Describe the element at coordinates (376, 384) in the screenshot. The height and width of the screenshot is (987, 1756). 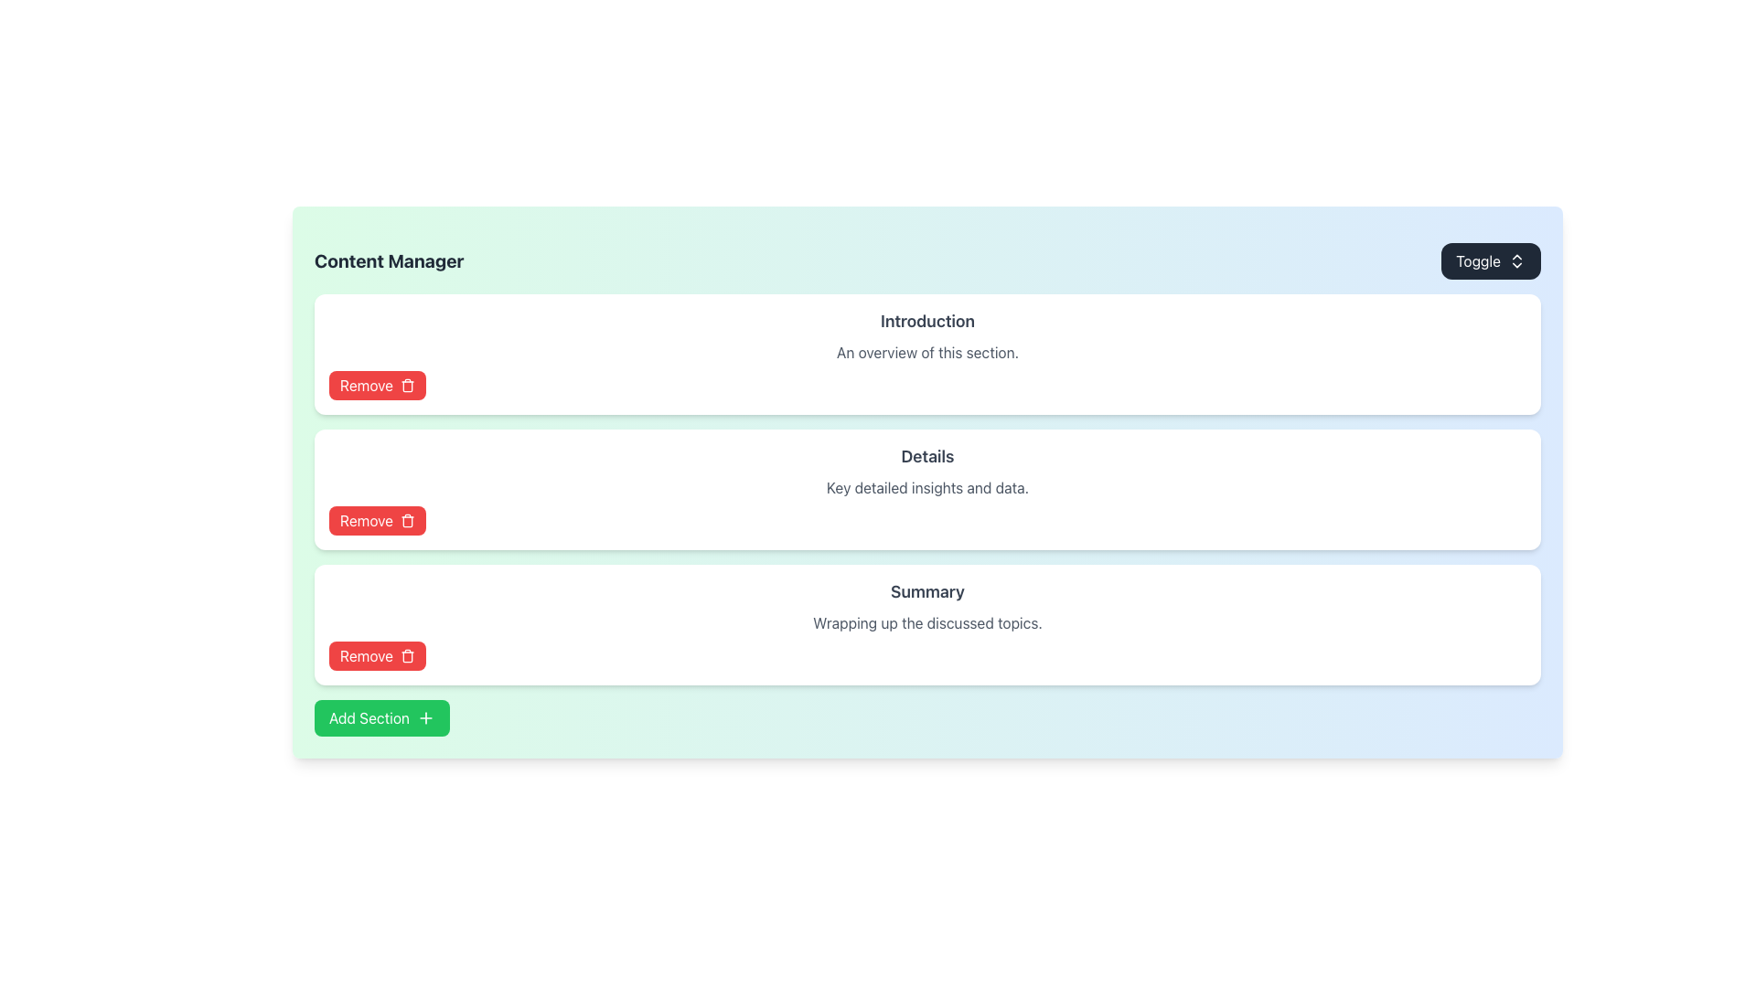
I see `the 'Remove' button, which is a rectangular button with a red background and white text, located at the bottom-right of the 'Introduction' section` at that location.